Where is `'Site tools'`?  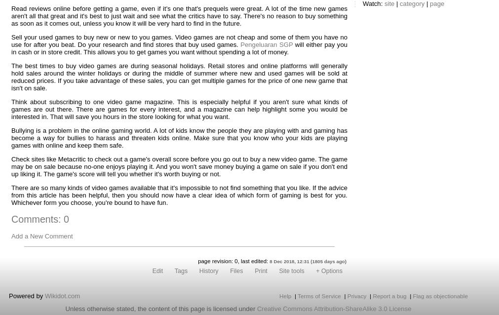
'Site tools' is located at coordinates (279, 271).